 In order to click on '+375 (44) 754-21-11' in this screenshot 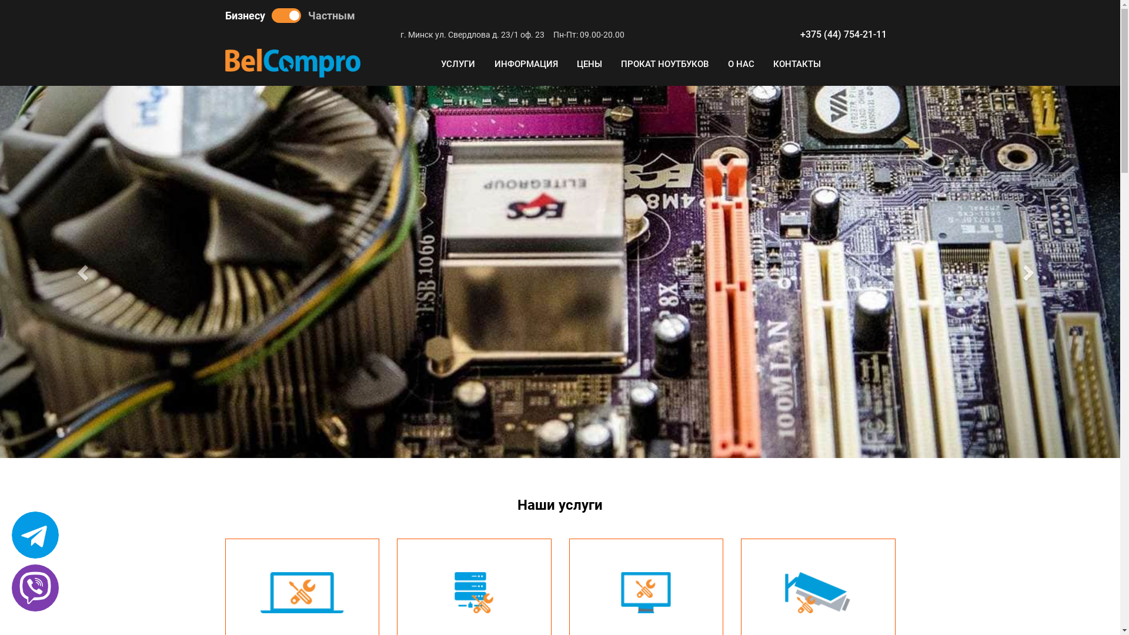, I will do `click(842, 34)`.